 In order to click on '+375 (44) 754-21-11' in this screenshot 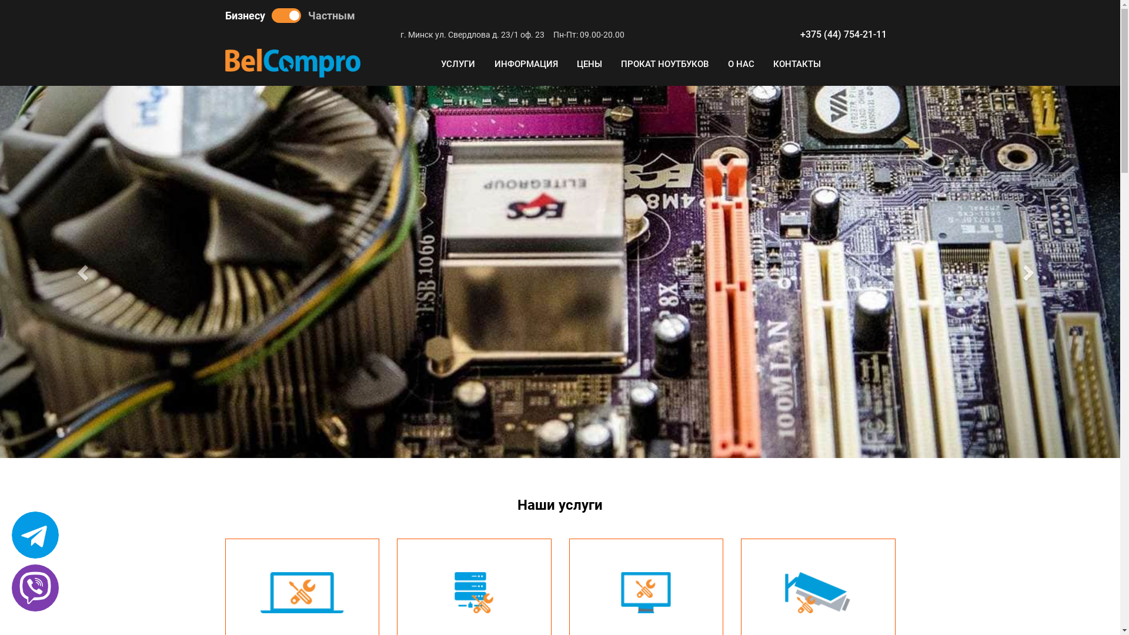, I will do `click(842, 34)`.